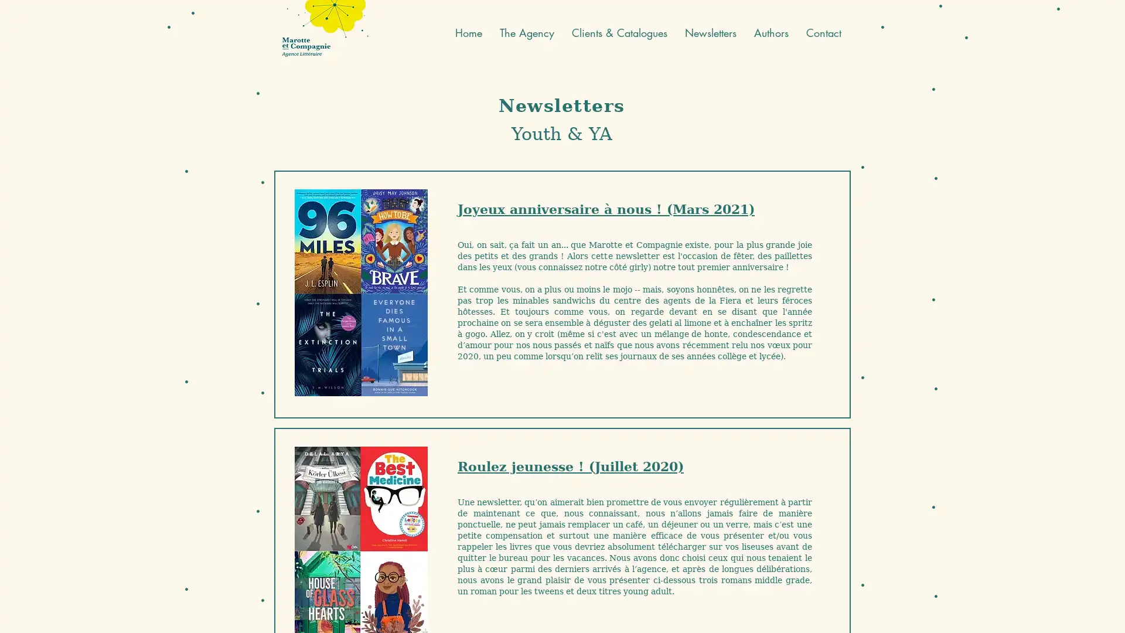  What do you see at coordinates (418, 32) in the screenshot?
I see `English` at bounding box center [418, 32].